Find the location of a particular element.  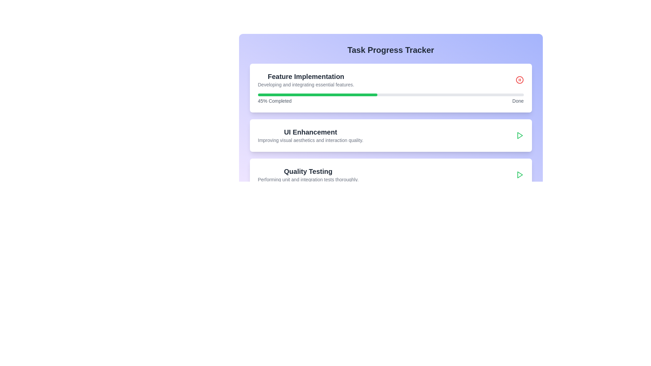

the button located at the far-right side of the 'Quality Testing' section is located at coordinates (519, 175).